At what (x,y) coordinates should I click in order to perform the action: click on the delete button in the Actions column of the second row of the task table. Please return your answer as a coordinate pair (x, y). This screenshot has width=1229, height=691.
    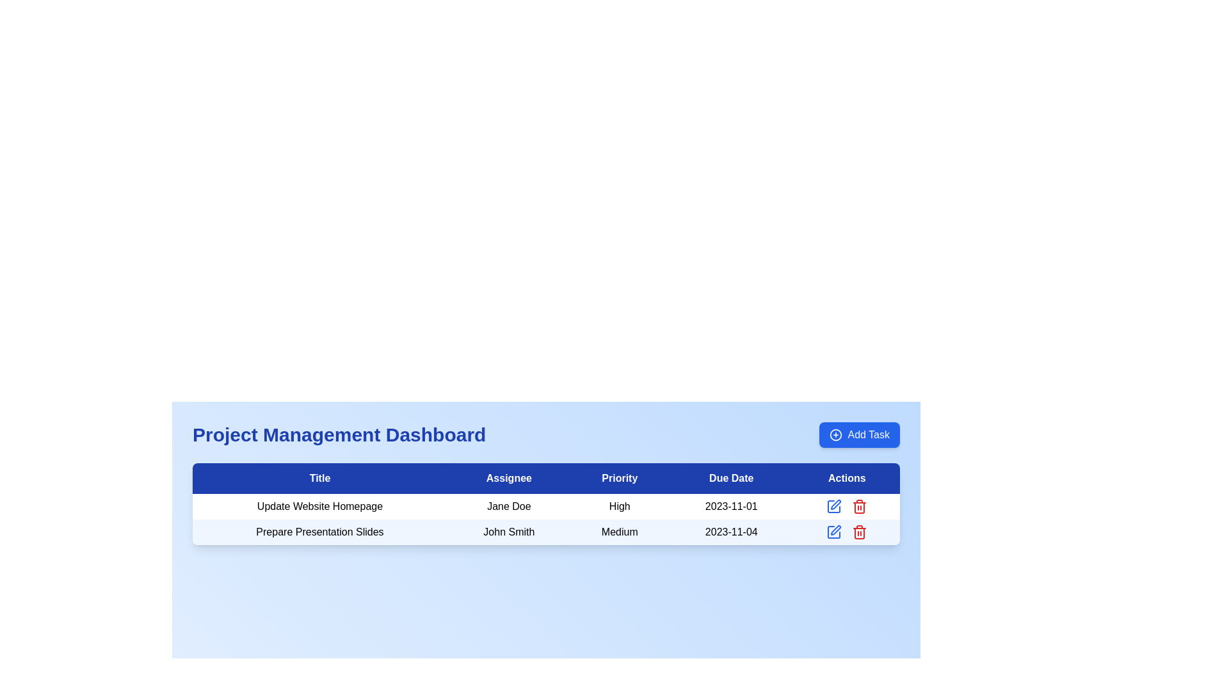
    Looking at the image, I should click on (860, 505).